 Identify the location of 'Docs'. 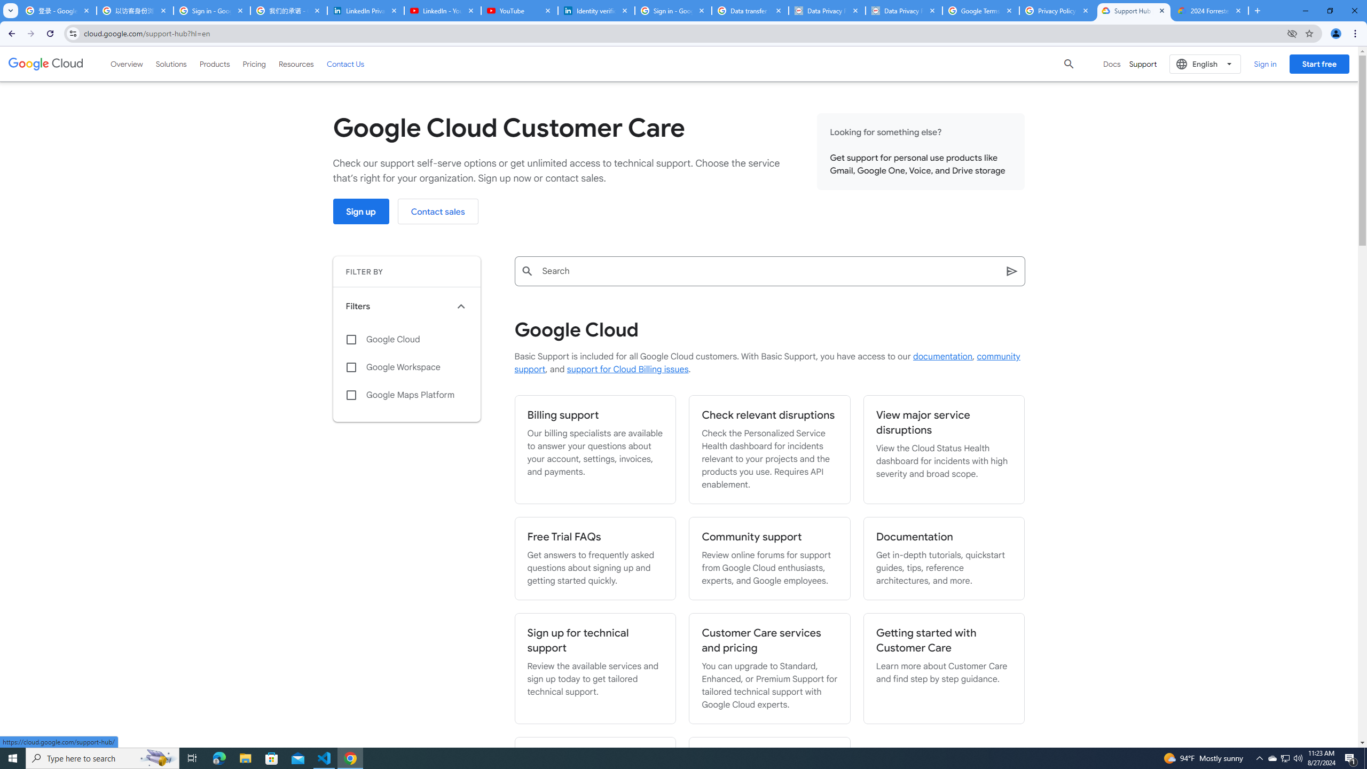
(1112, 63).